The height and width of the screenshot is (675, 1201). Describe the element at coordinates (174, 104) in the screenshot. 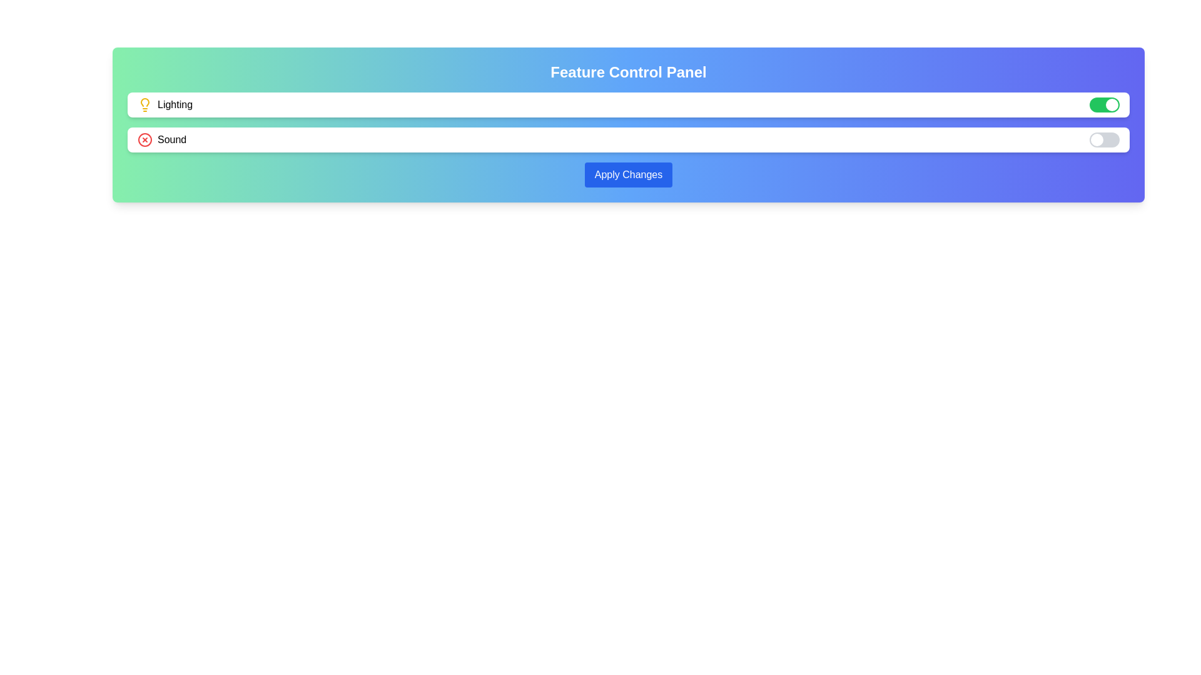

I see `the 'Lighting' label that describes the feature controlled by the adjacent toggle switch, located in the top panel row next to the lightbulb icon` at that location.